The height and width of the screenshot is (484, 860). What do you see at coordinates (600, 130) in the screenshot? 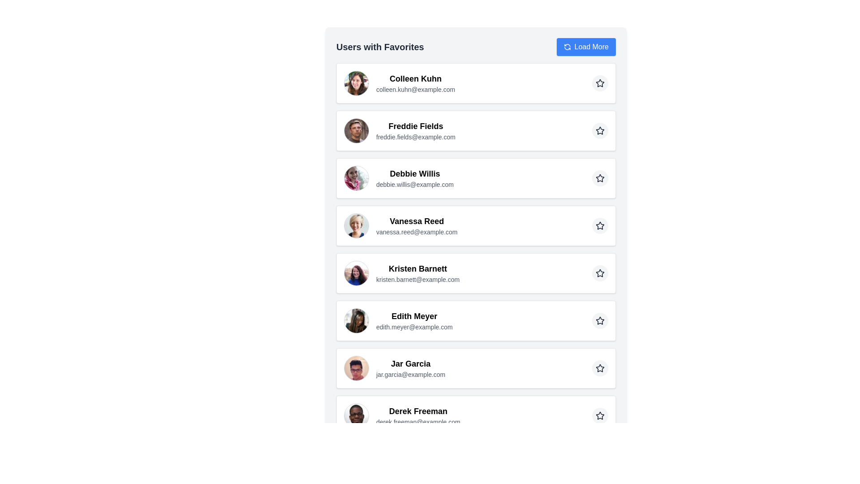
I see `the star-shaped icon button located to the right of 'Freddie Fields' name and email in the user listing interface to potentially see a tooltip or highlight effect` at bounding box center [600, 130].